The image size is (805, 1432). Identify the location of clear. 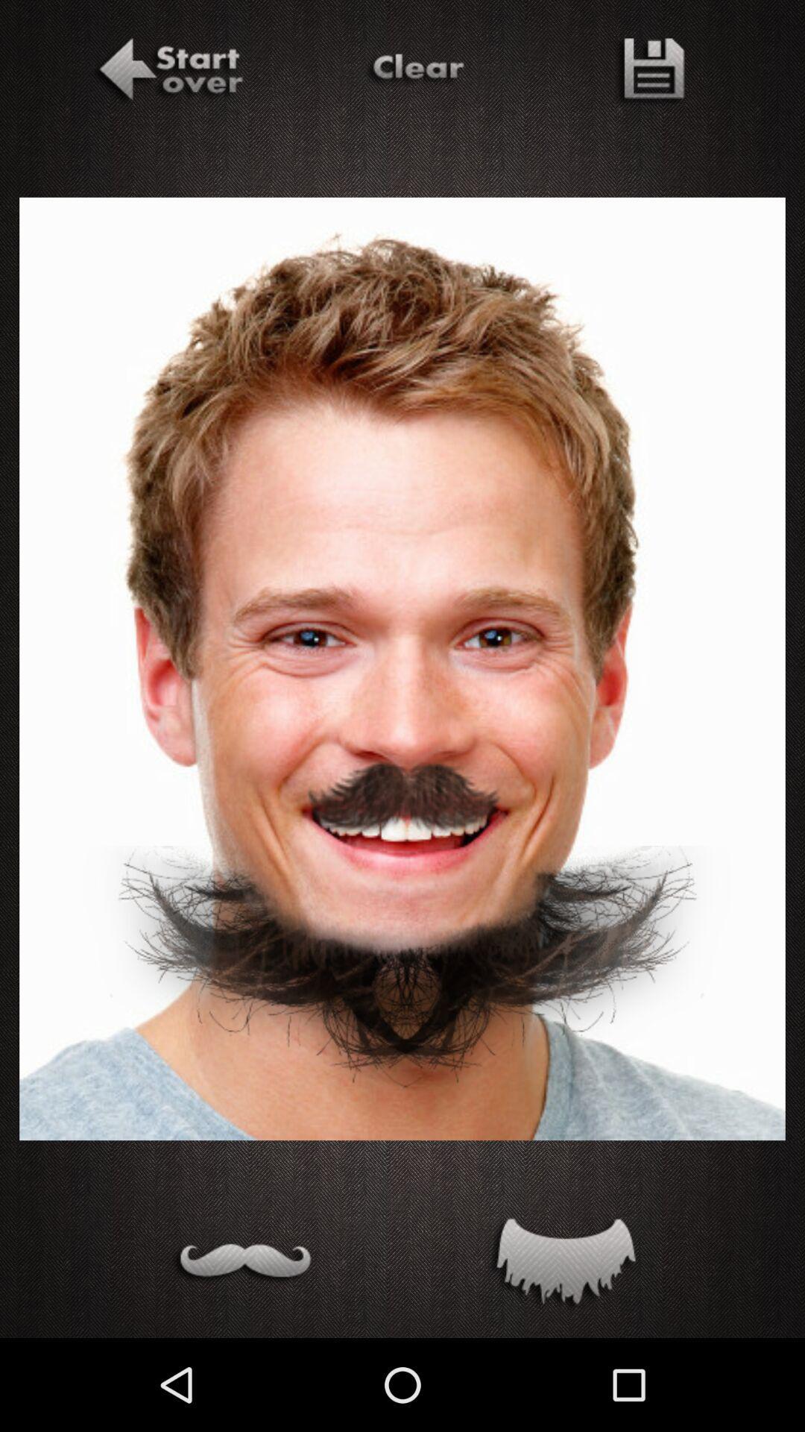
(415, 72).